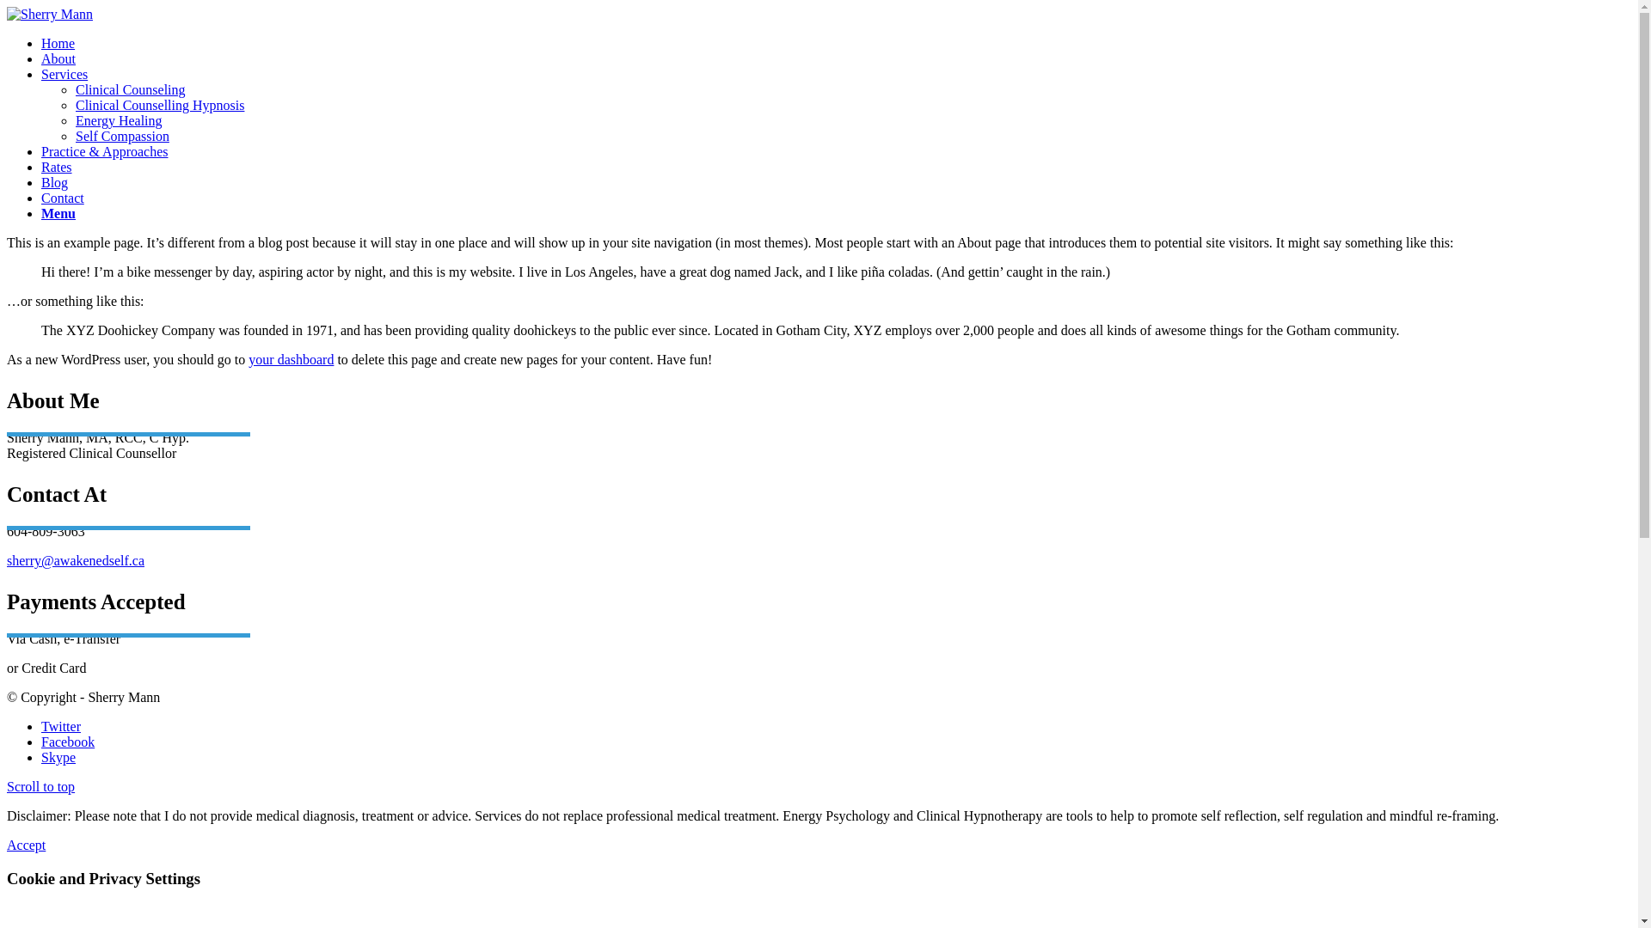 This screenshot has width=1651, height=928. What do you see at coordinates (121, 135) in the screenshot?
I see `'Self Compassion'` at bounding box center [121, 135].